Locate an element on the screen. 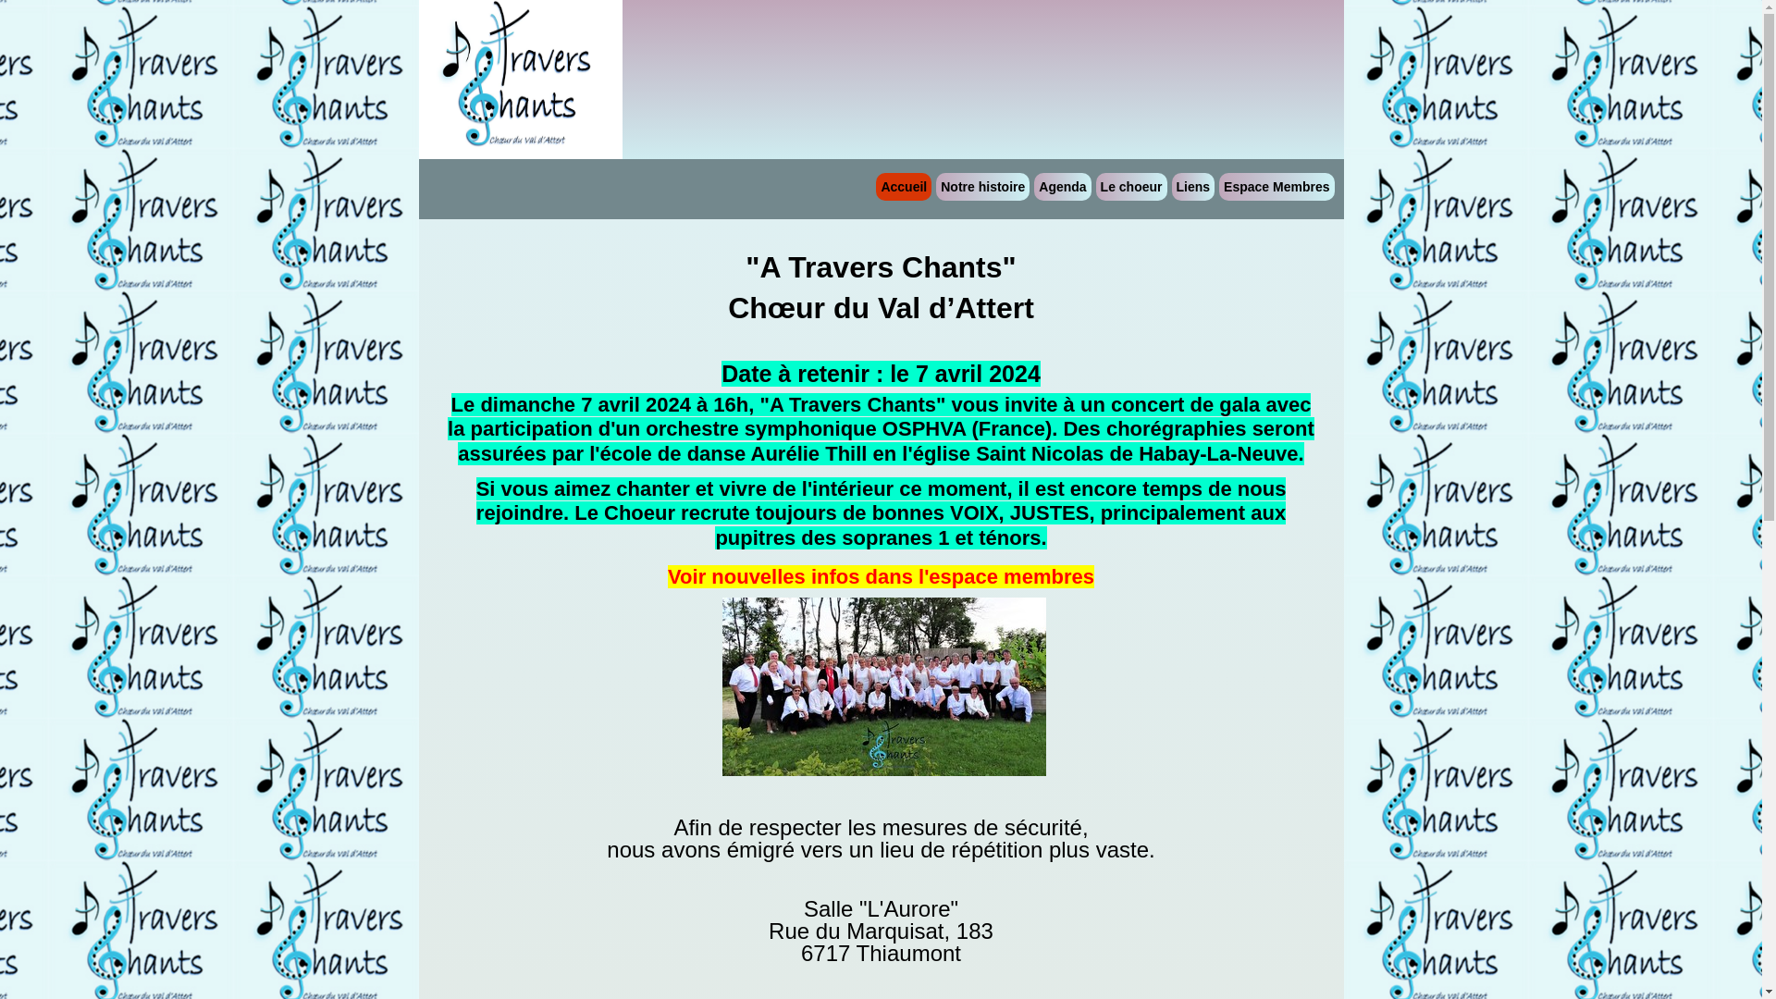 The image size is (1776, 999). 'Le choeur' is located at coordinates (1130, 186).